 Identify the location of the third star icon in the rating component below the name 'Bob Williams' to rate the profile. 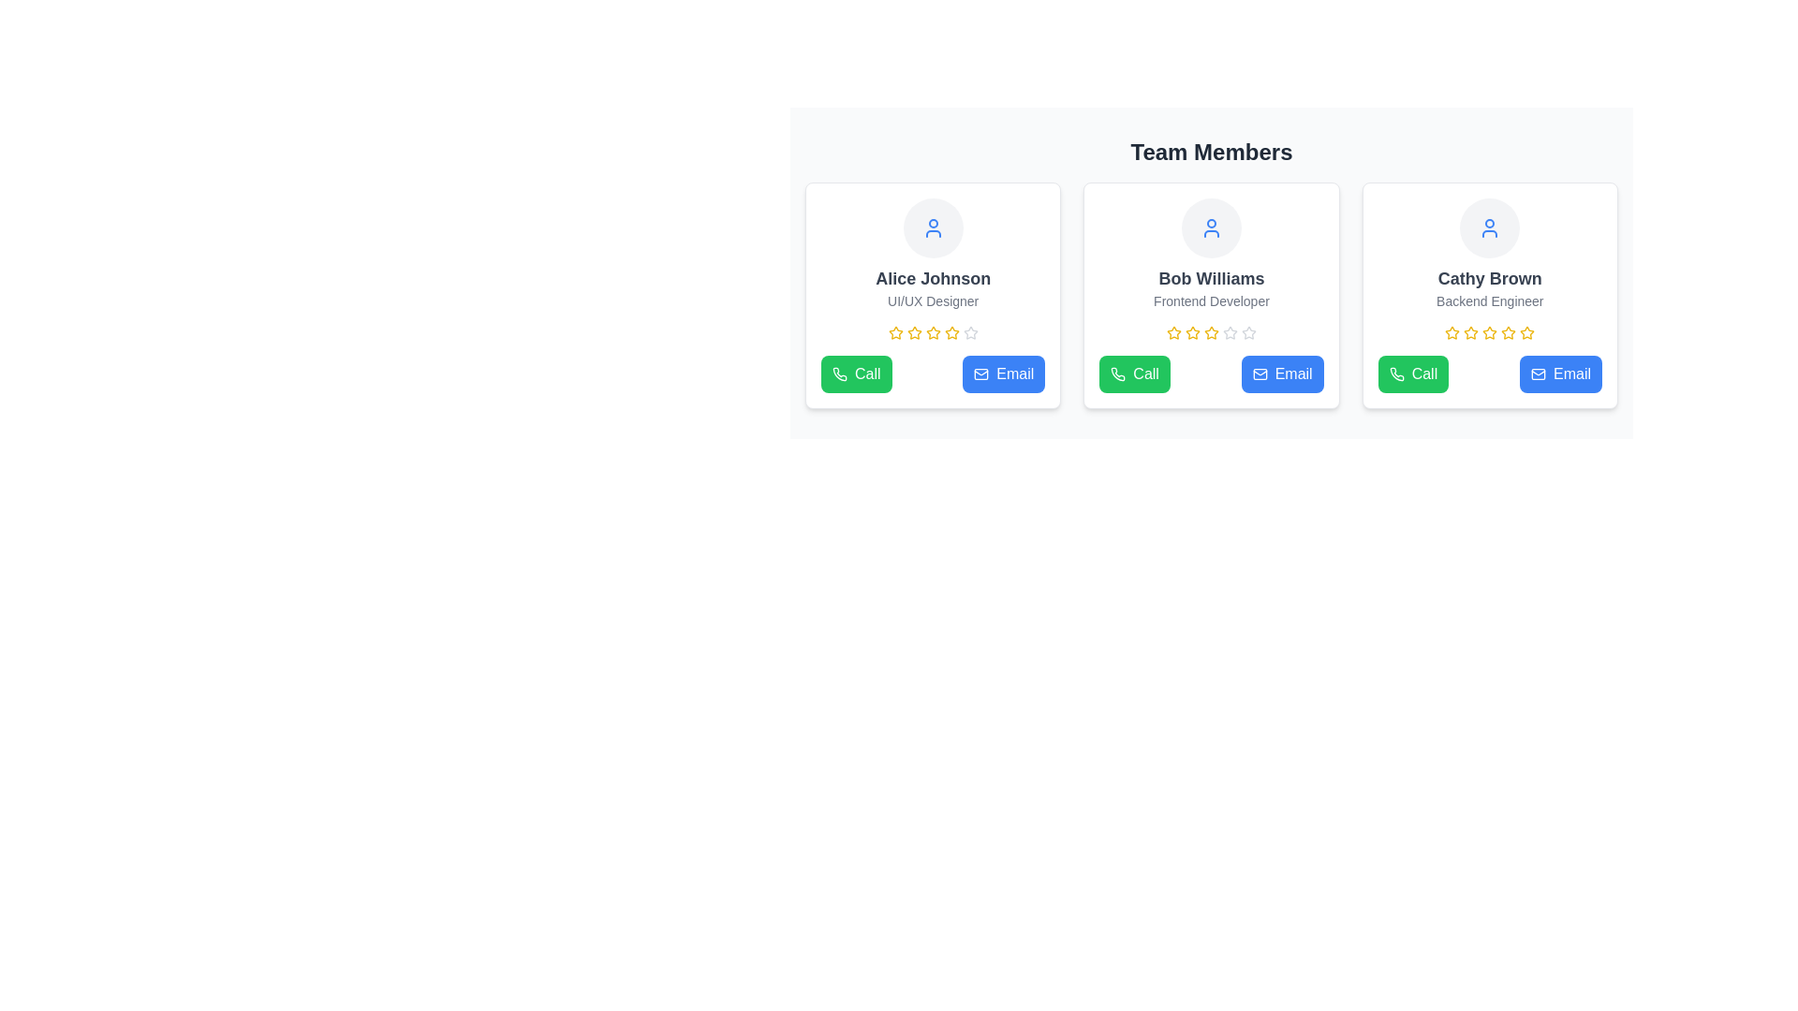
(1231, 331).